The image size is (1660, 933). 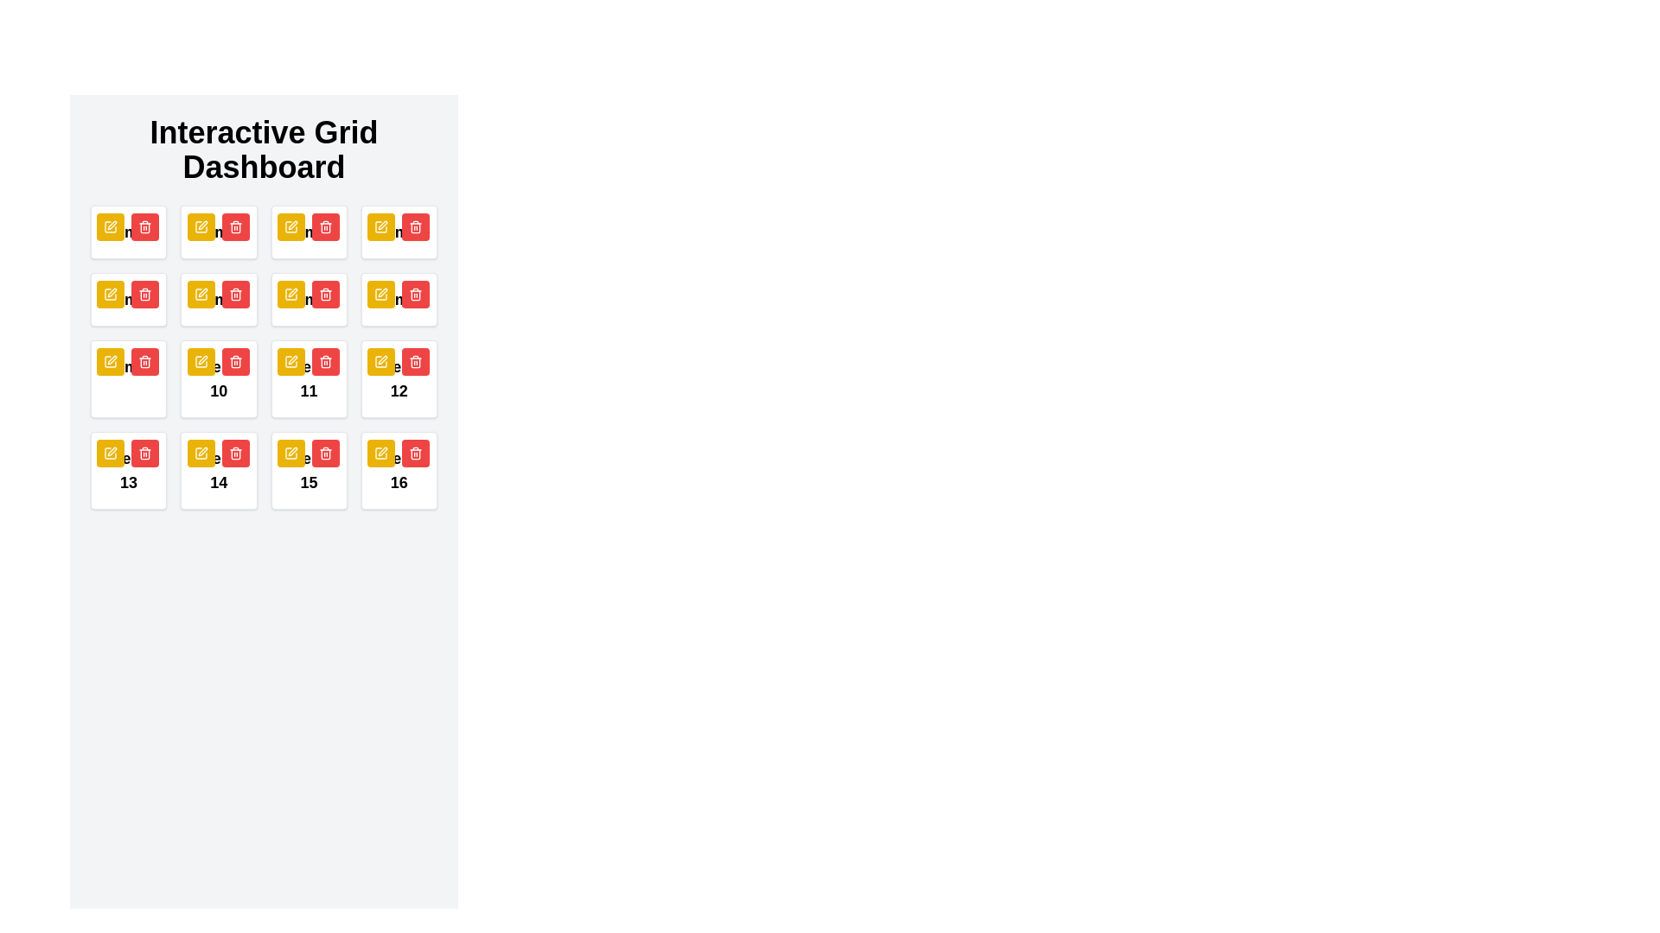 I want to click on the icon button resembling a pen overlaying a square outline, which signifies editing functionality, located in the top-left corner of the first card in the dashboard, so click(x=112, y=225).